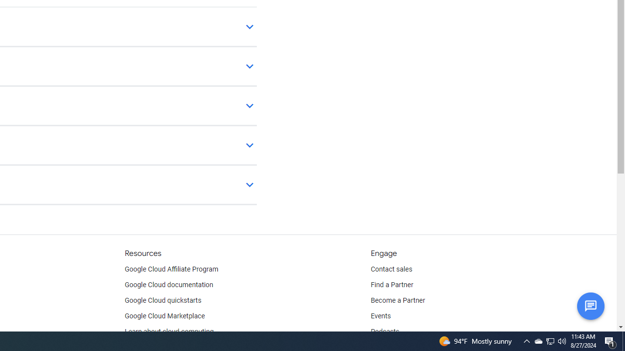 The height and width of the screenshot is (351, 625). I want to click on 'Google Cloud quickstarts', so click(163, 300).